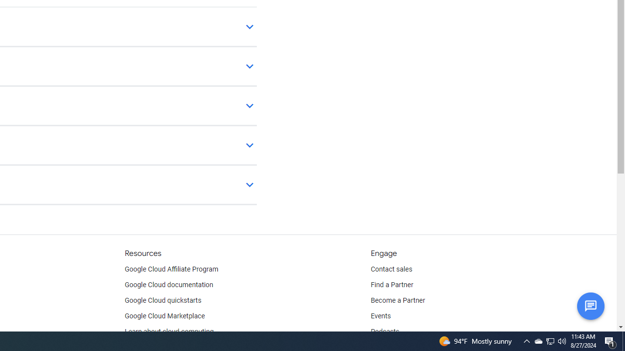 The height and width of the screenshot is (351, 625). I want to click on 'Google Cloud quickstarts', so click(163, 300).